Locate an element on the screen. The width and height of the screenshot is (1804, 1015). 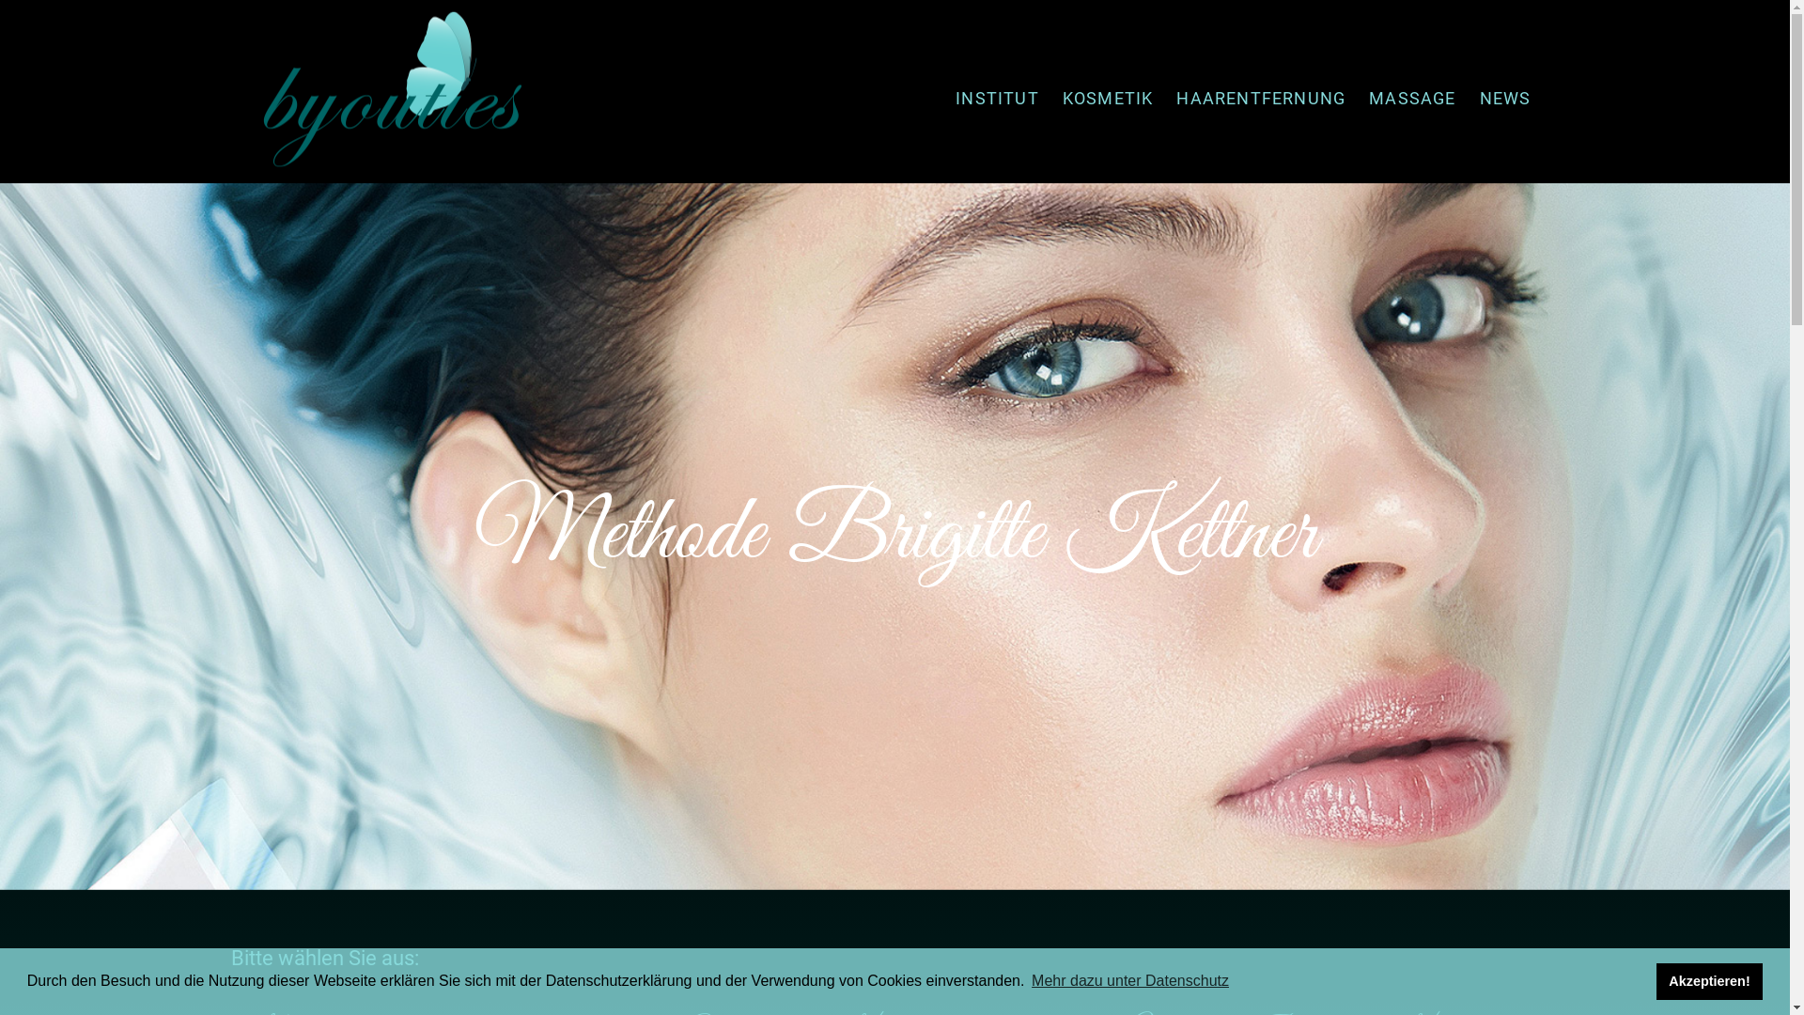
'NEWS' is located at coordinates (1505, 98).